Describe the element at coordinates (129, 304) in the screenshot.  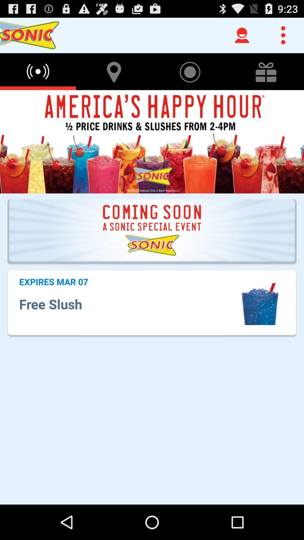
I see `the free slush app` at that location.